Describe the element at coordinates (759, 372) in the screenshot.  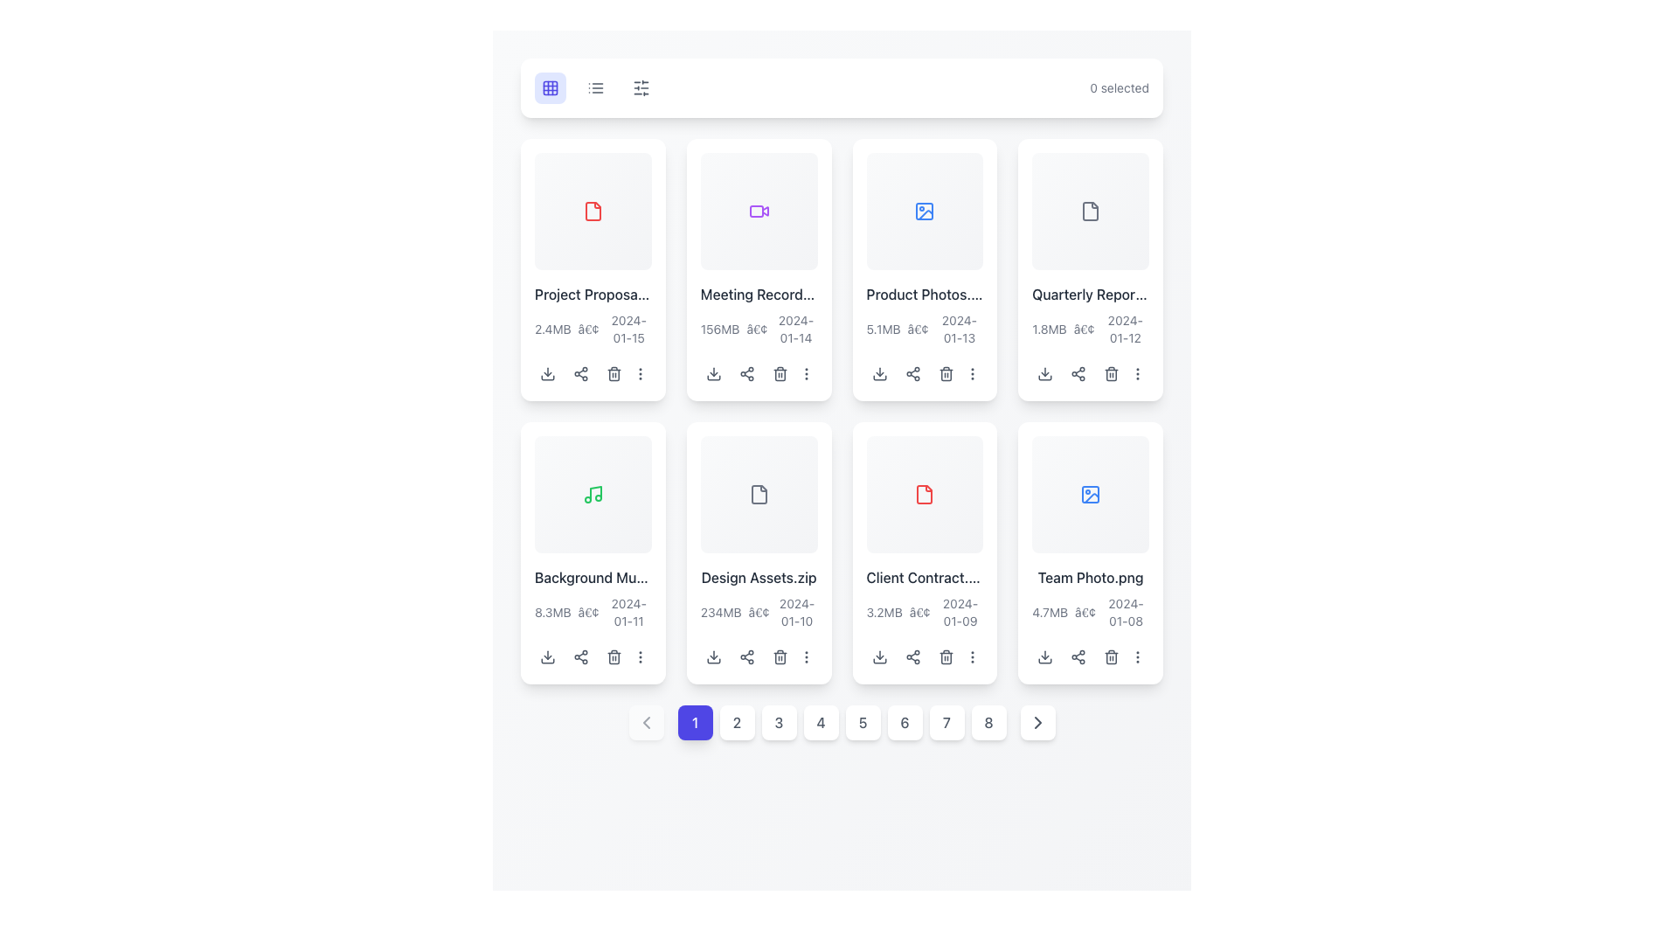
I see `the button group containing action icons (download, share, delete, etc.) located at the bottom of the 'Meeting Recording.mp4' card` at that location.